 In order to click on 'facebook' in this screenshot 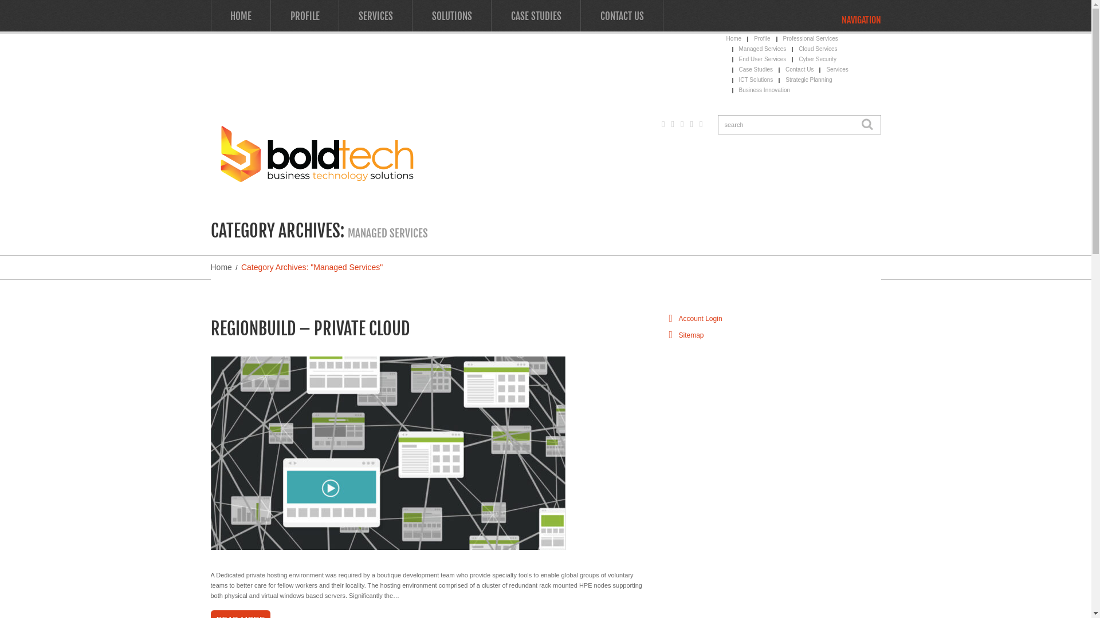, I will do `click(682, 124)`.